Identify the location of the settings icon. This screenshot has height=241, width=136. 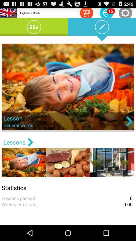
(125, 13).